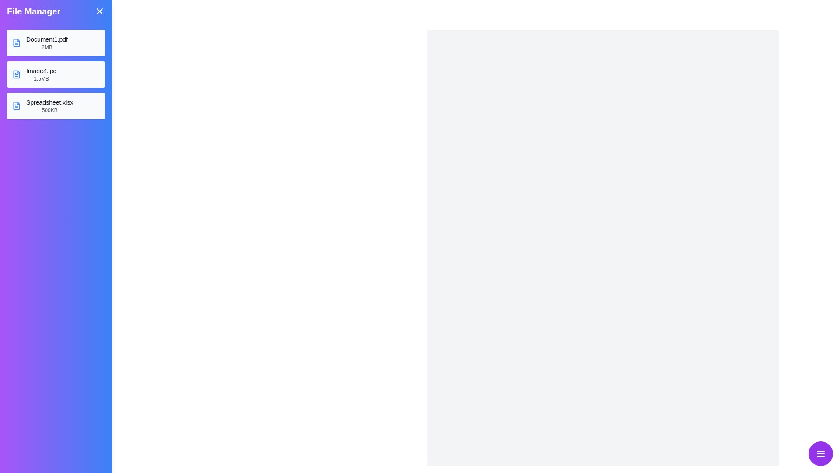  What do you see at coordinates (17, 74) in the screenshot?
I see `the document icon with a blue outline next to the file name 'Image4.jpg' in the file manager interface` at bounding box center [17, 74].